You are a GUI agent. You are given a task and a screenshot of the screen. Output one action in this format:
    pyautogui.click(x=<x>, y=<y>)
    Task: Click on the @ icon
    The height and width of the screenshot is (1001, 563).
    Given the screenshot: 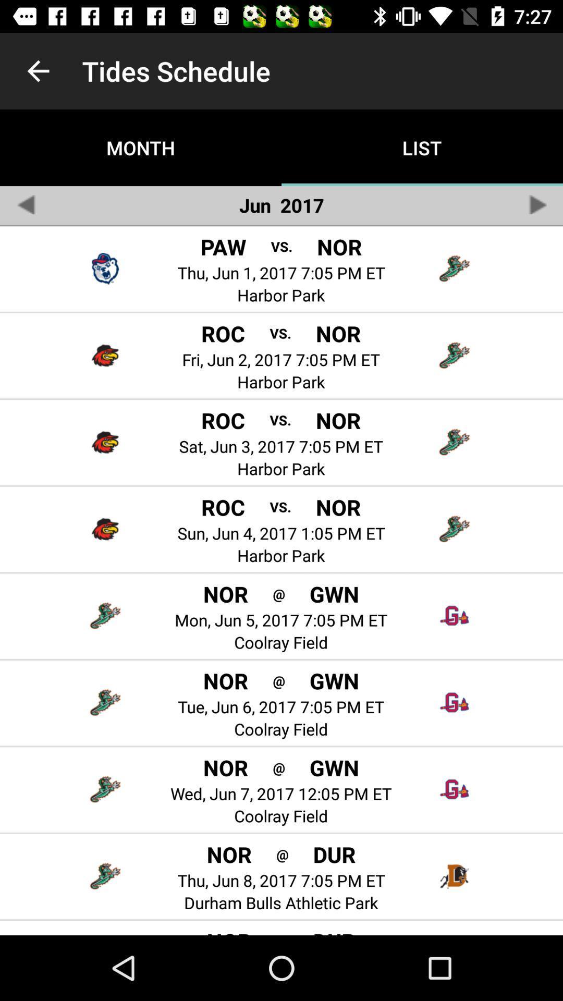 What is the action you would take?
    pyautogui.click(x=282, y=854)
    